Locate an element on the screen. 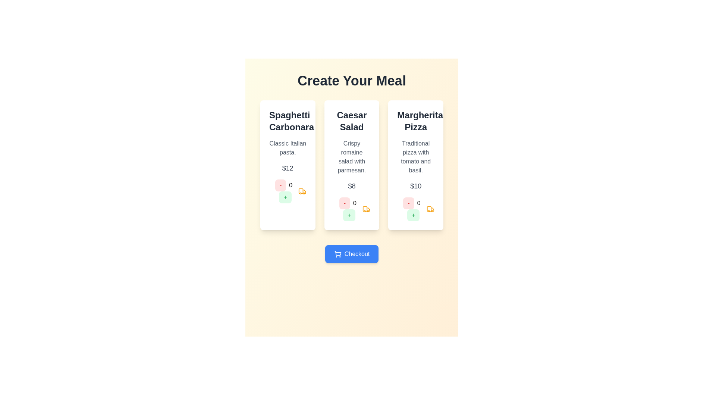 The image size is (716, 403). the static text element displaying the number '0' located between the decrement ('-') and increment ('+') buttons in the control group of the 'Margherita Pizza' card is located at coordinates (354, 203).